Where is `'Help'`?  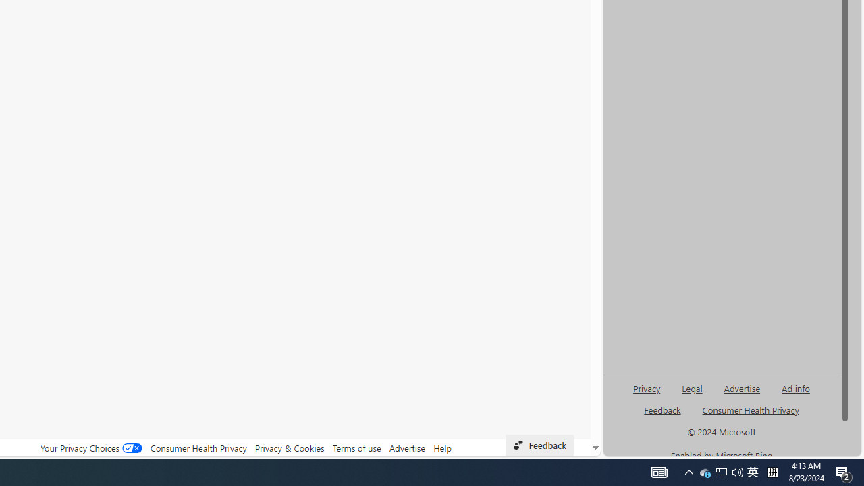 'Help' is located at coordinates (443, 448).